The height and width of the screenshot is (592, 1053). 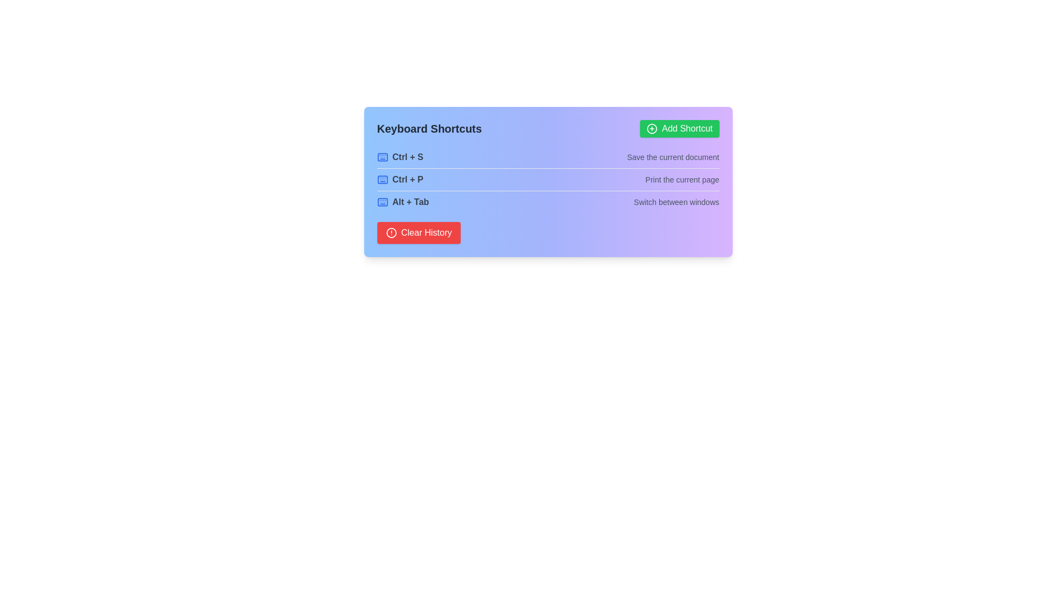 I want to click on the visual representation of the blue keyboard icon located near the left side of the row associated with 'Ctrl + P' in the 'Keyboard Shortcuts' list, so click(x=382, y=179).